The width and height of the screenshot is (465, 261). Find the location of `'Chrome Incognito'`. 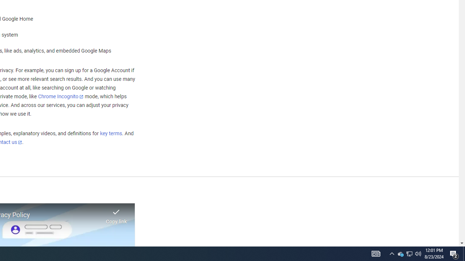

'Chrome Incognito' is located at coordinates (61, 96).